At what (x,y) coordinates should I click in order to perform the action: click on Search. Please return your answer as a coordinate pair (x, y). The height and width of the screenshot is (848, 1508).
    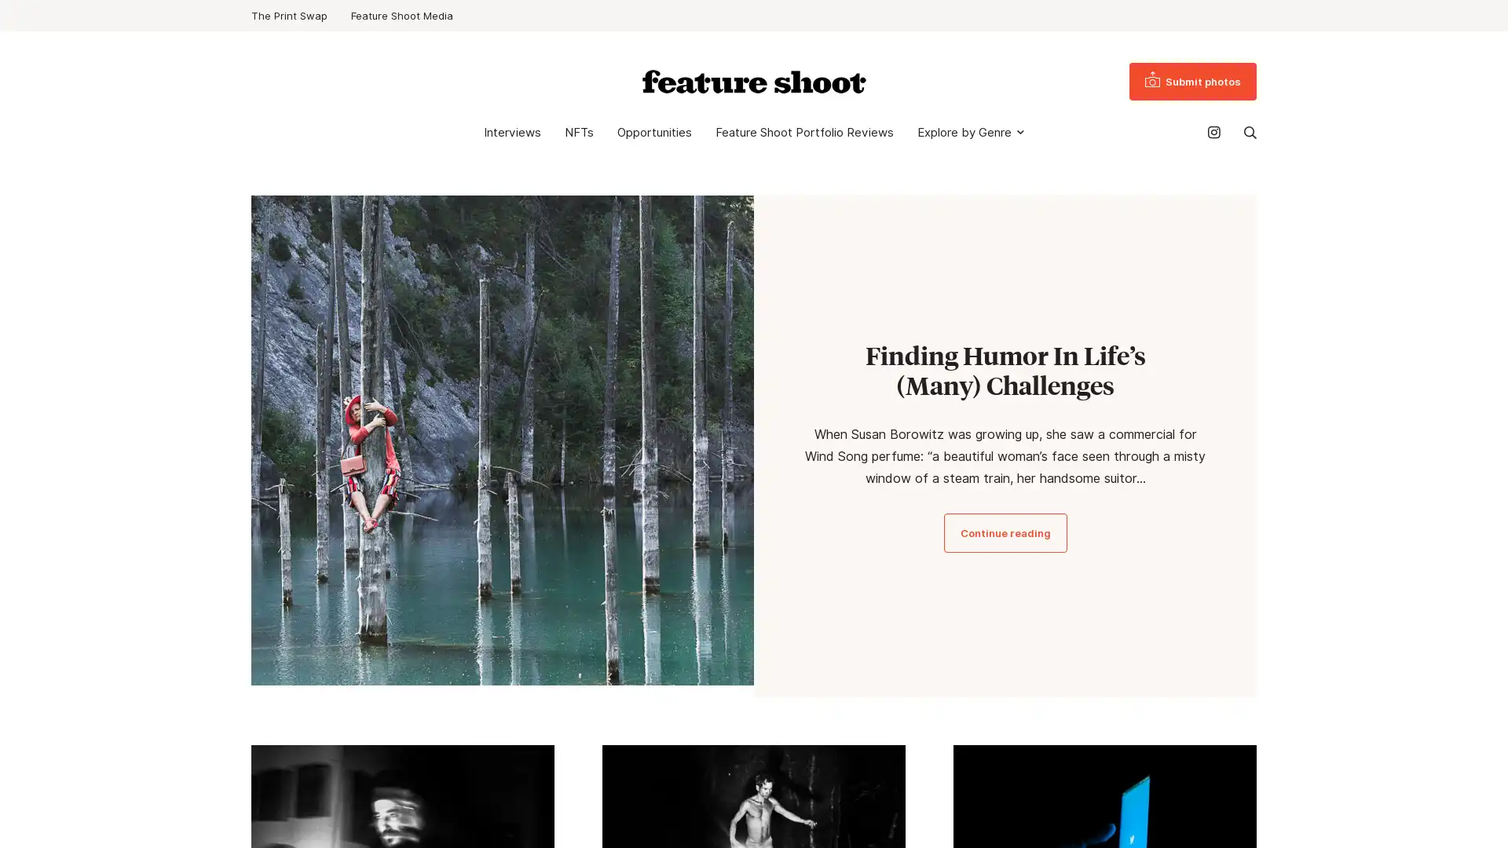
    Looking at the image, I should click on (1250, 132).